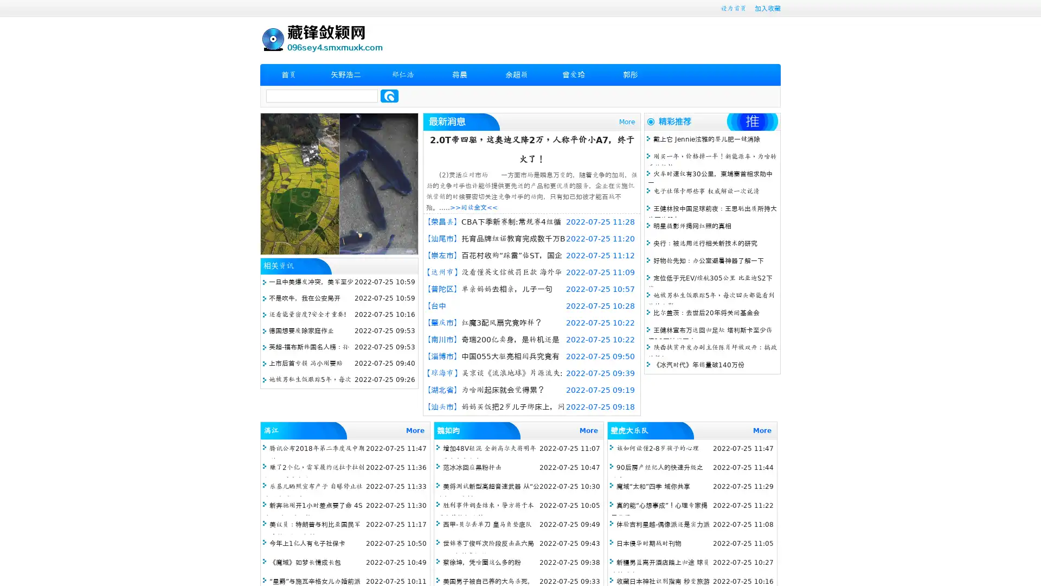 The width and height of the screenshot is (1041, 586). Describe the element at coordinates (389, 95) in the screenshot. I see `Search` at that location.